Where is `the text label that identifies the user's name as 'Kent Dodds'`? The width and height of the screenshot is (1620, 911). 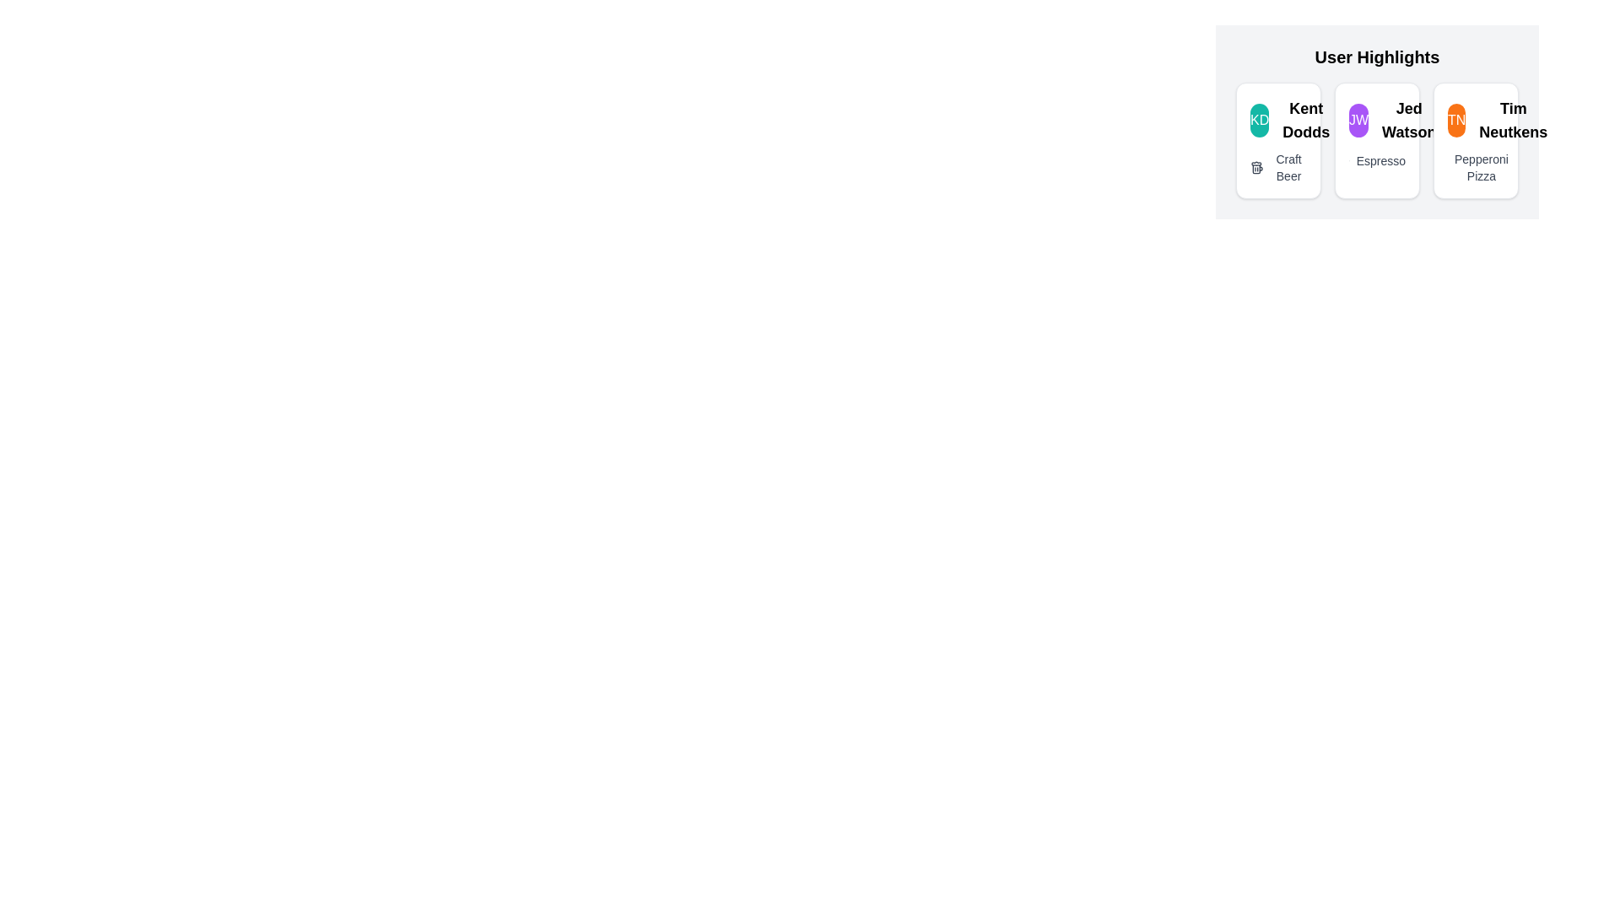
the text label that identifies the user's name as 'Kent Dodds' is located at coordinates (1278, 119).